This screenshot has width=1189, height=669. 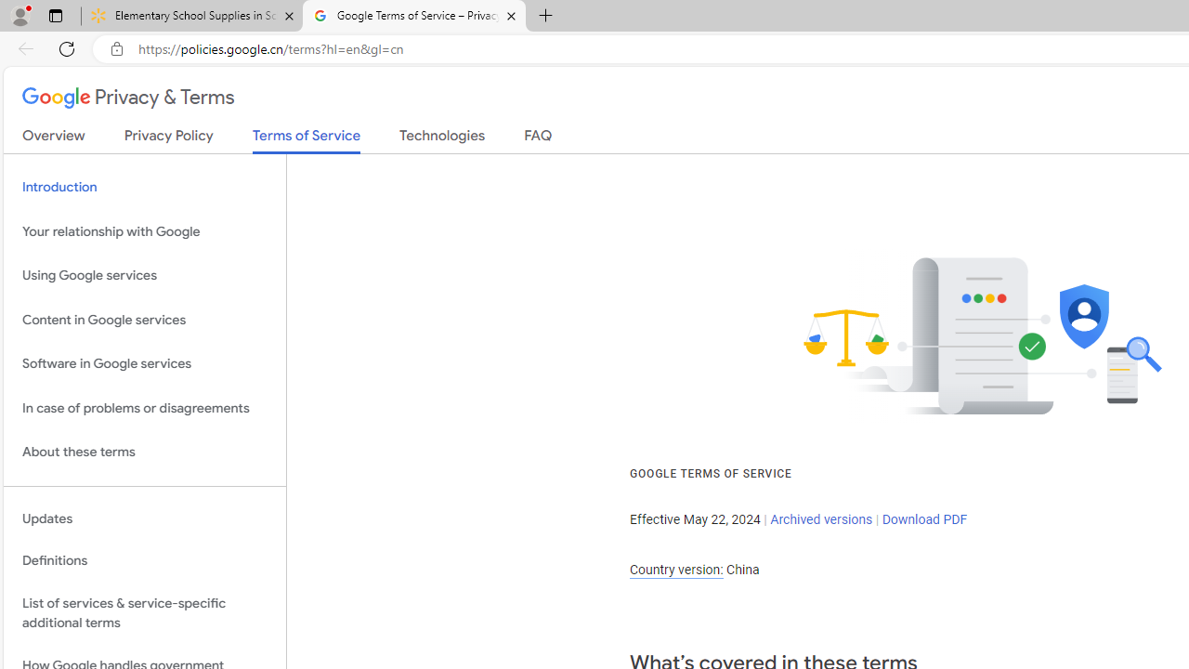 I want to click on 'FAQ', so click(x=537, y=138).